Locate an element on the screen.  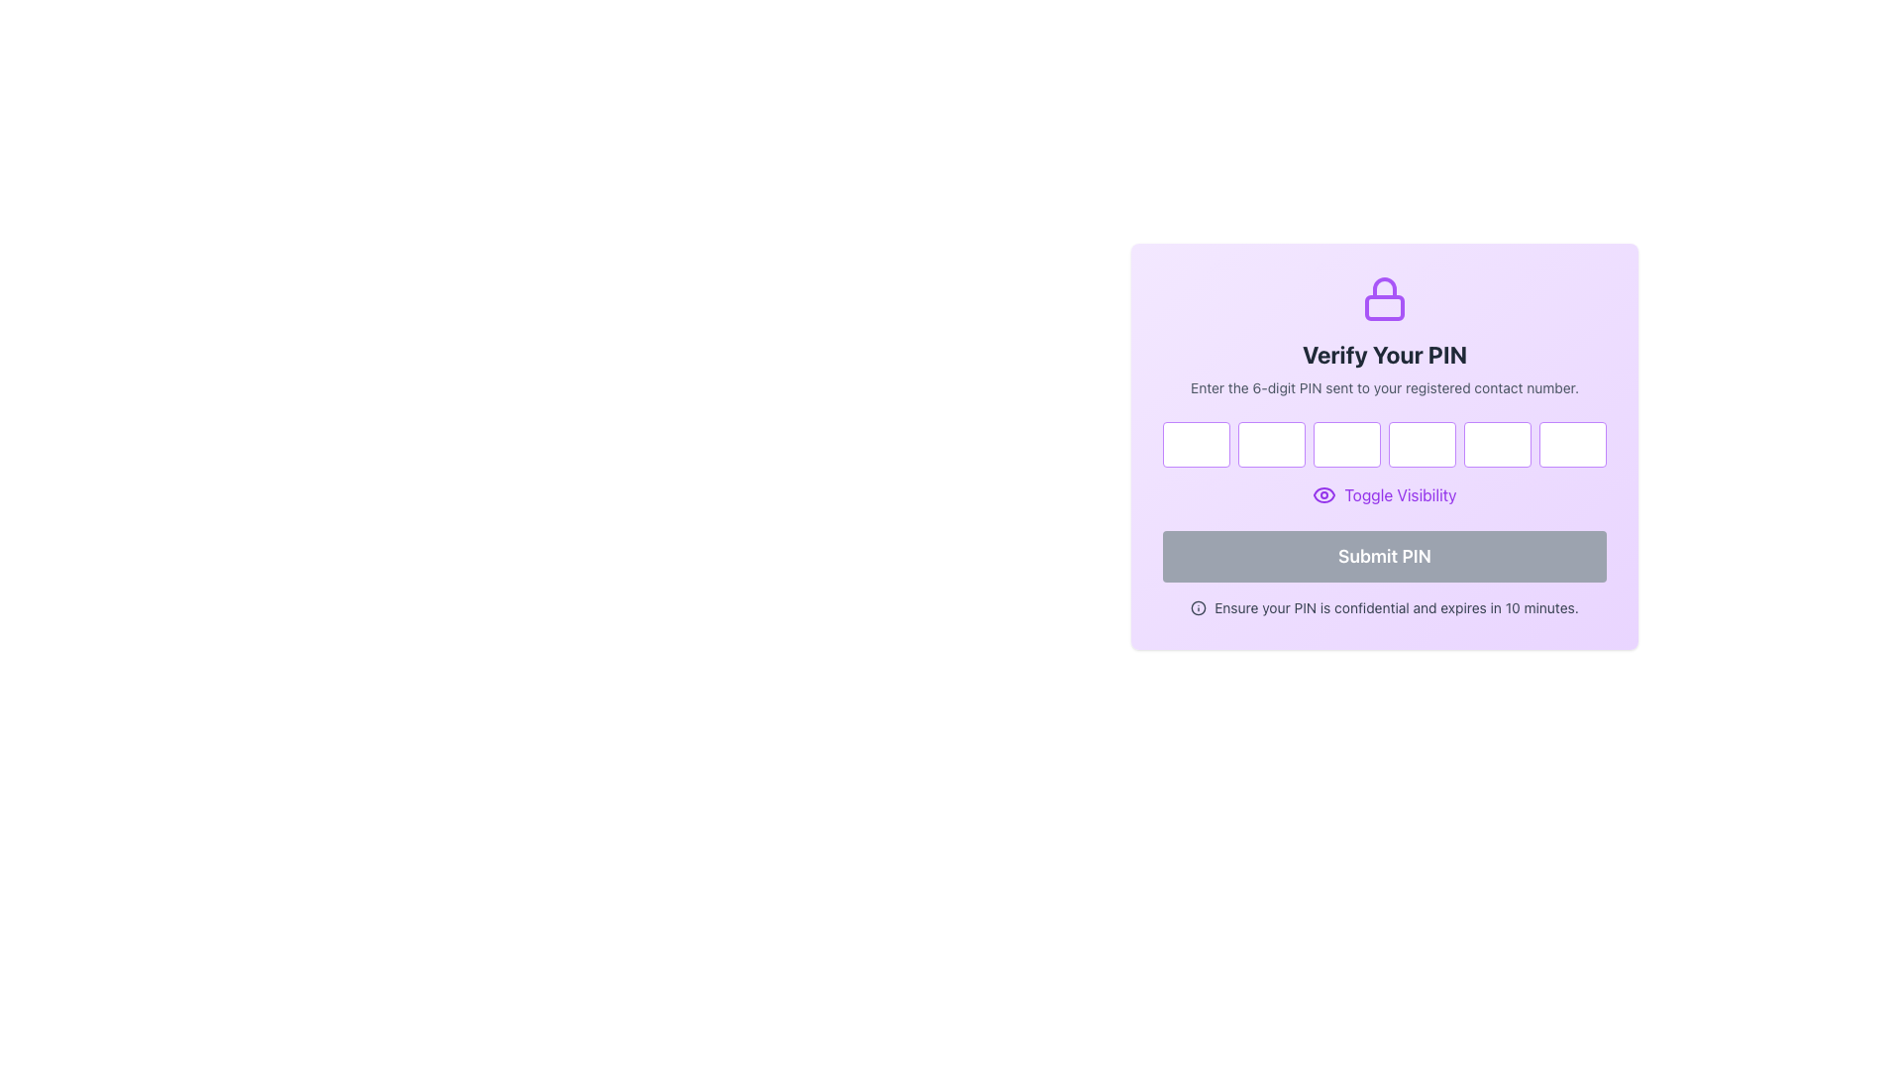
the submit button located at the bottom of the purple dialog box is located at coordinates (1383, 557).